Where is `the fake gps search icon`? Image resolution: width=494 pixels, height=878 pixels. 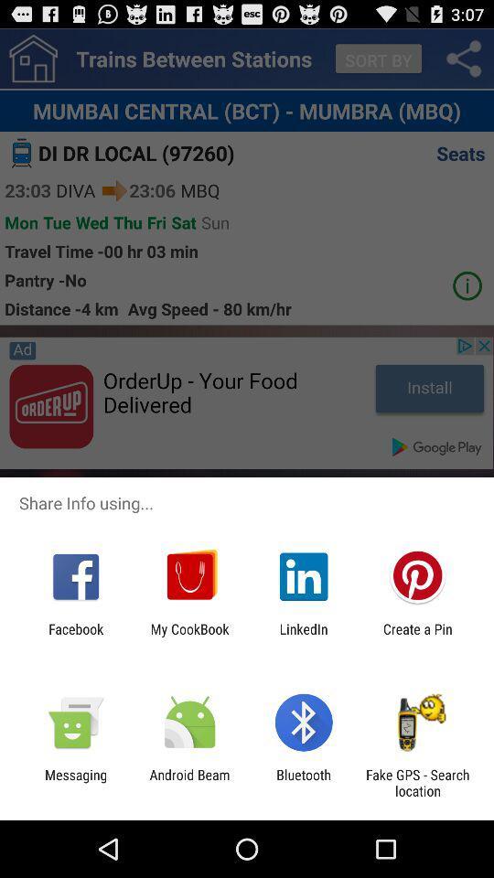
the fake gps search icon is located at coordinates (417, 782).